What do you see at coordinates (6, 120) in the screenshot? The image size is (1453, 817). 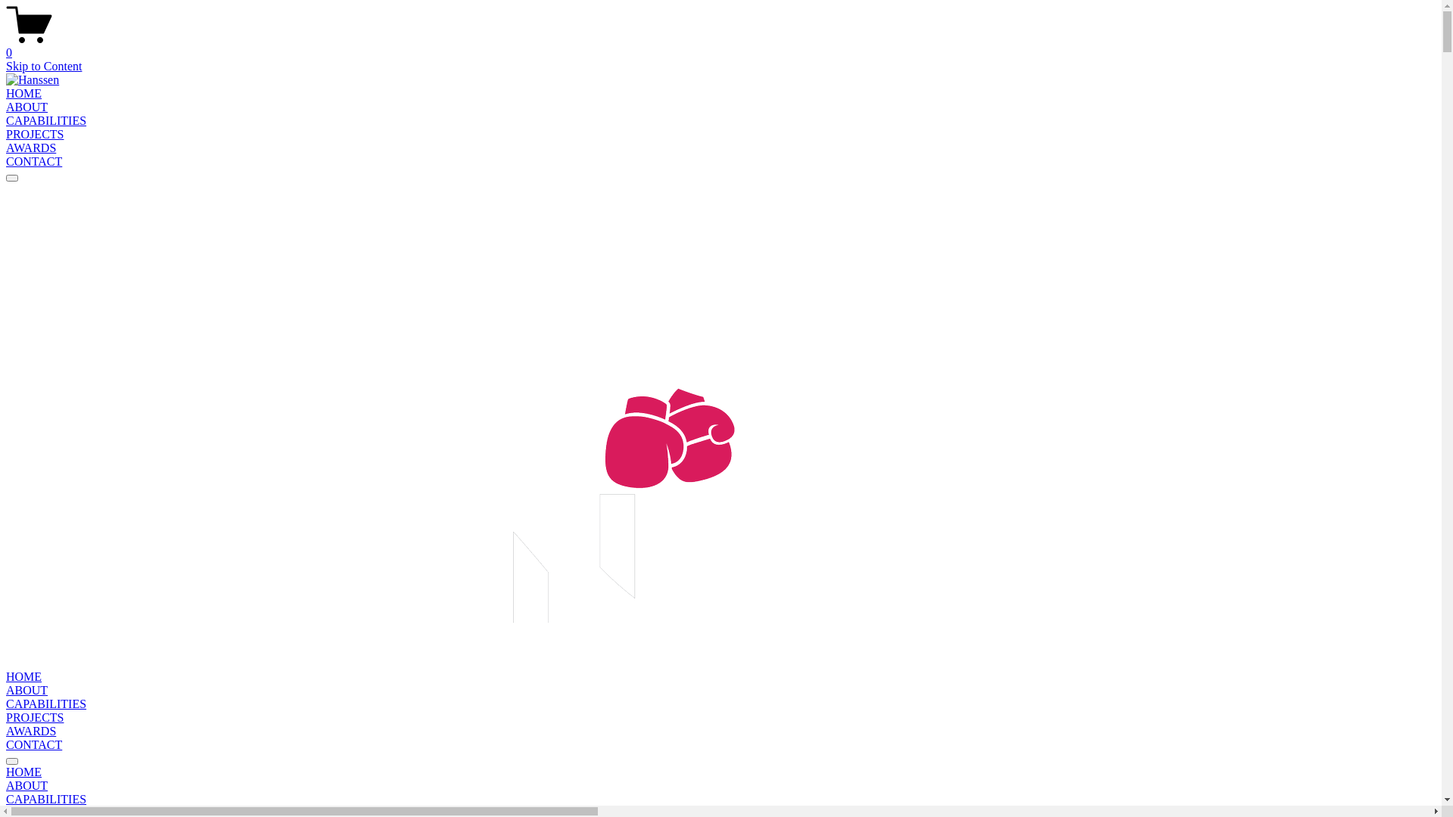 I see `'CAPABILITIES'` at bounding box center [6, 120].